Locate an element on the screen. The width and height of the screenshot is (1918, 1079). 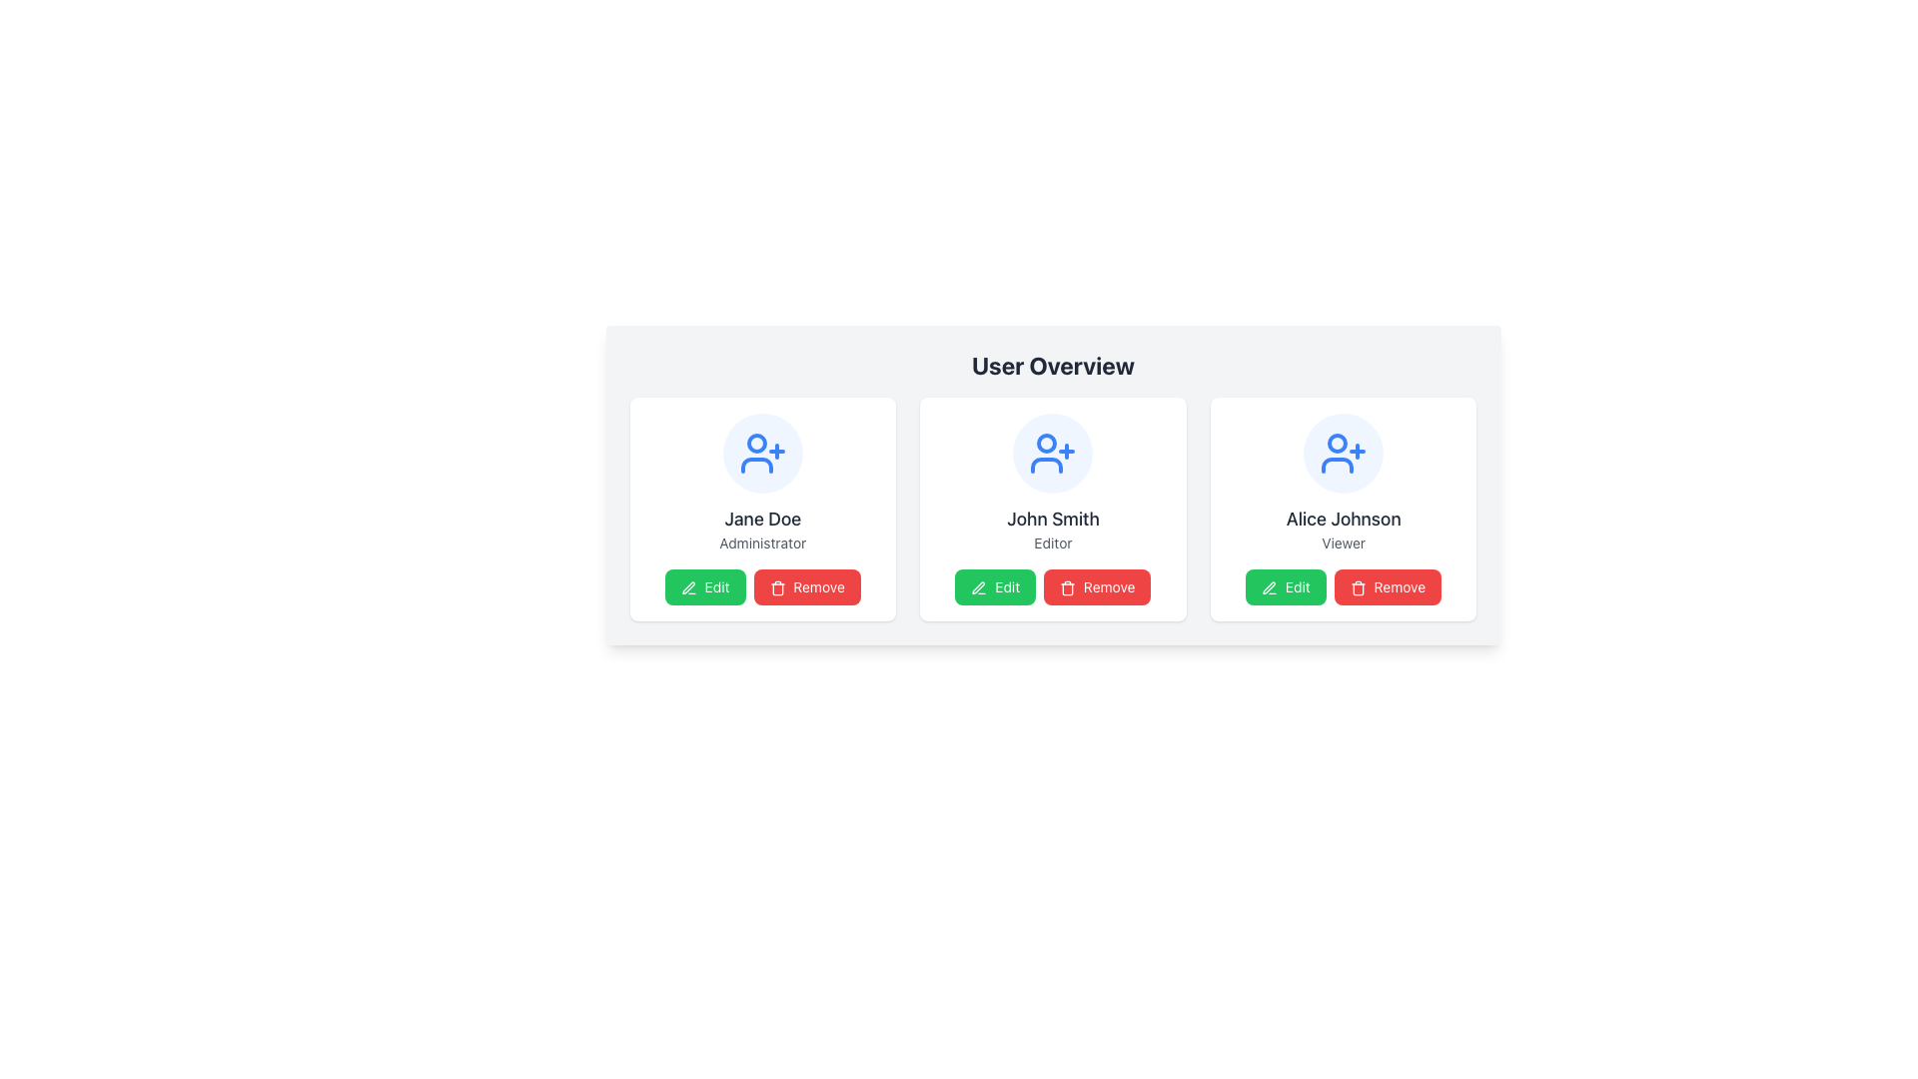
the user icon with an addition symbol at the center-top area of Alice Johnson's profile card is located at coordinates (1344, 454).